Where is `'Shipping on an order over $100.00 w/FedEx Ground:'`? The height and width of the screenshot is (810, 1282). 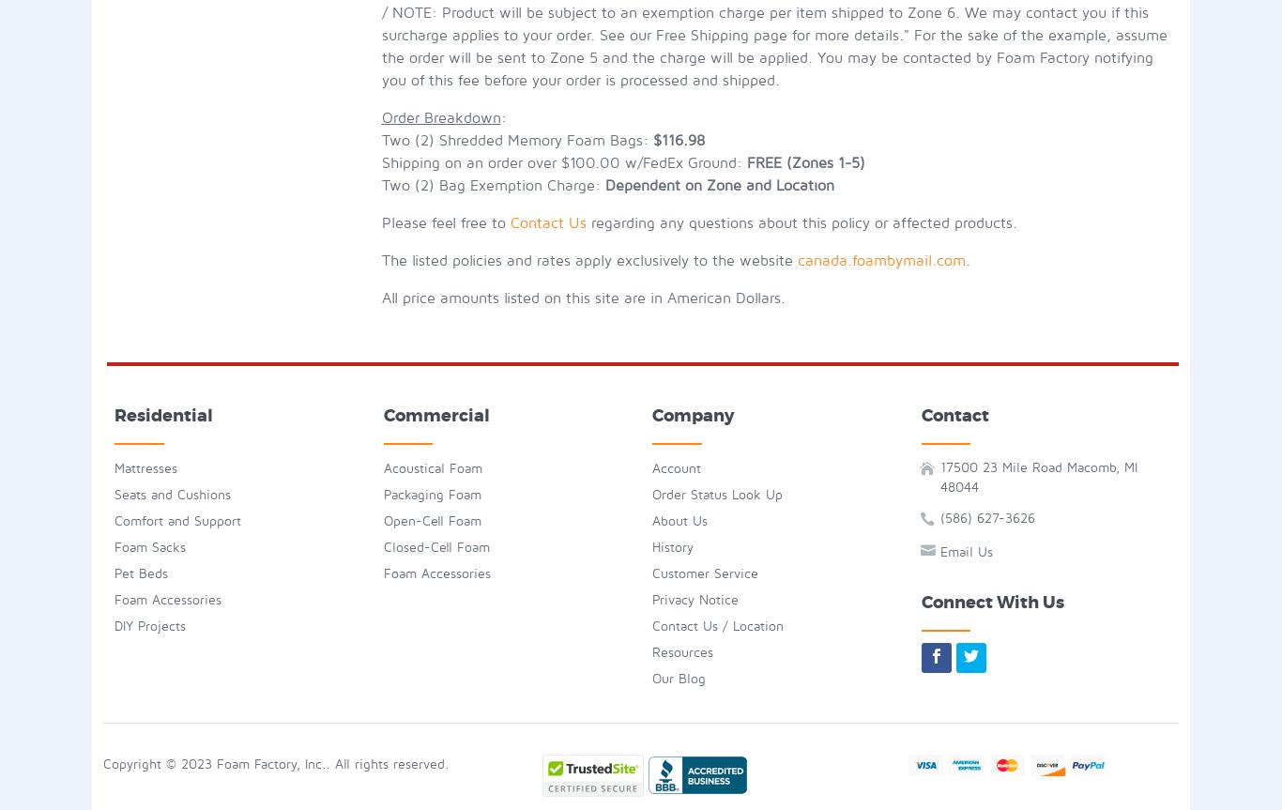 'Shipping on an order over $100.00 w/FedEx Ground:' is located at coordinates (379, 162).